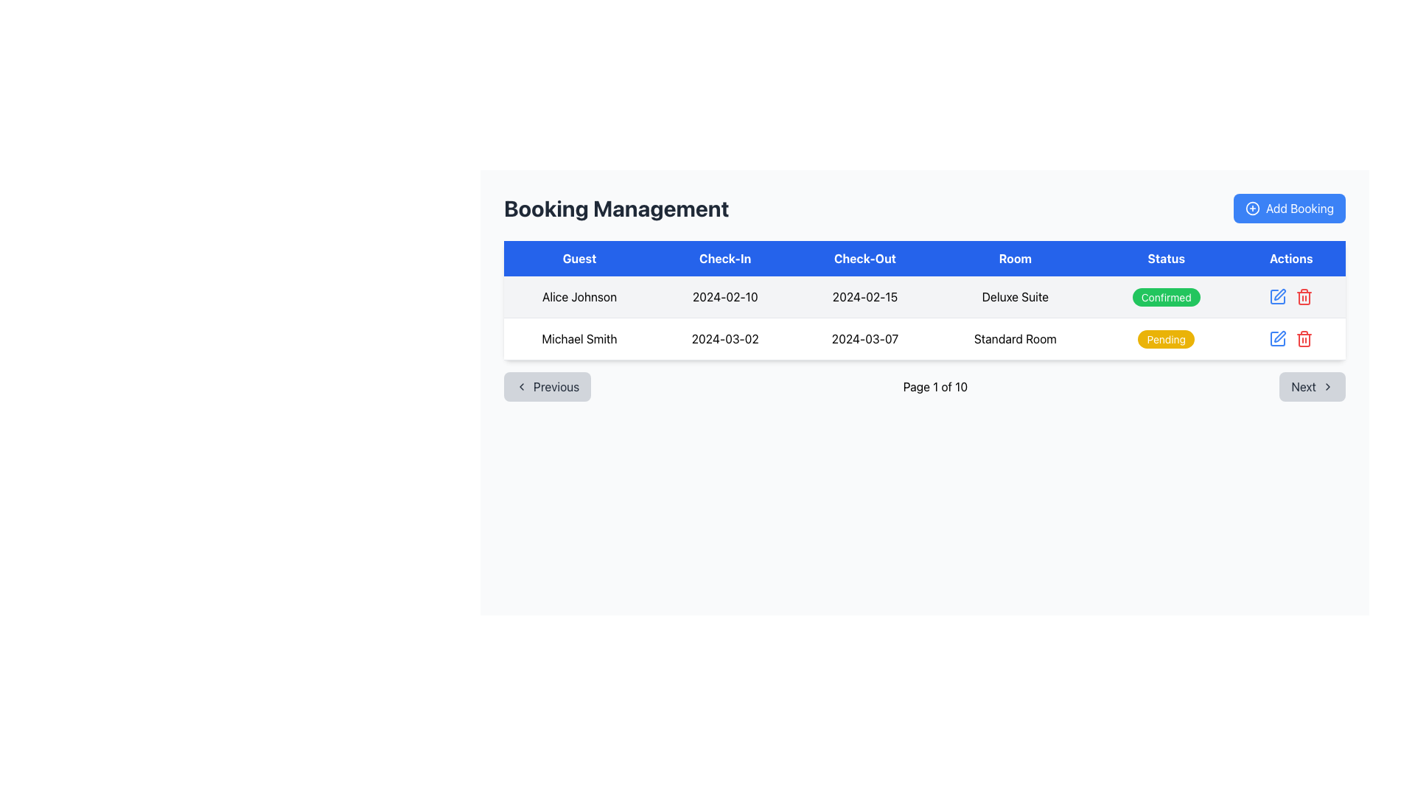  What do you see at coordinates (725, 258) in the screenshot?
I see `the 'Check-In' table header element, which is styled with a blue background and white text, positioned between the 'Guest' and 'Check-Out' headers` at bounding box center [725, 258].